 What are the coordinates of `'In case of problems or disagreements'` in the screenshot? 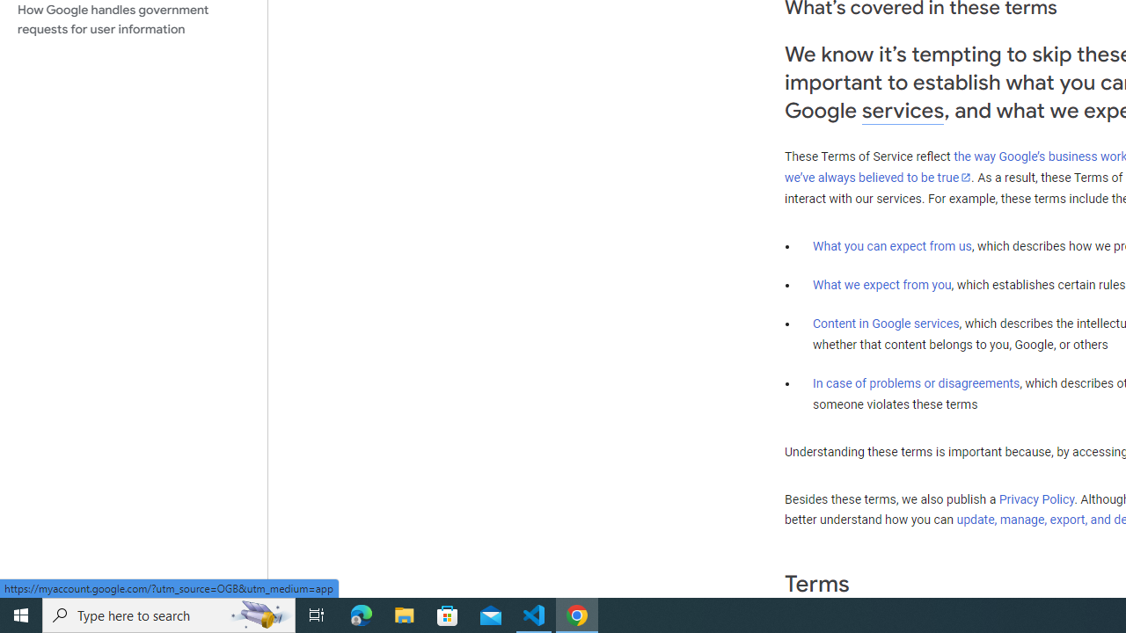 It's located at (915, 382).